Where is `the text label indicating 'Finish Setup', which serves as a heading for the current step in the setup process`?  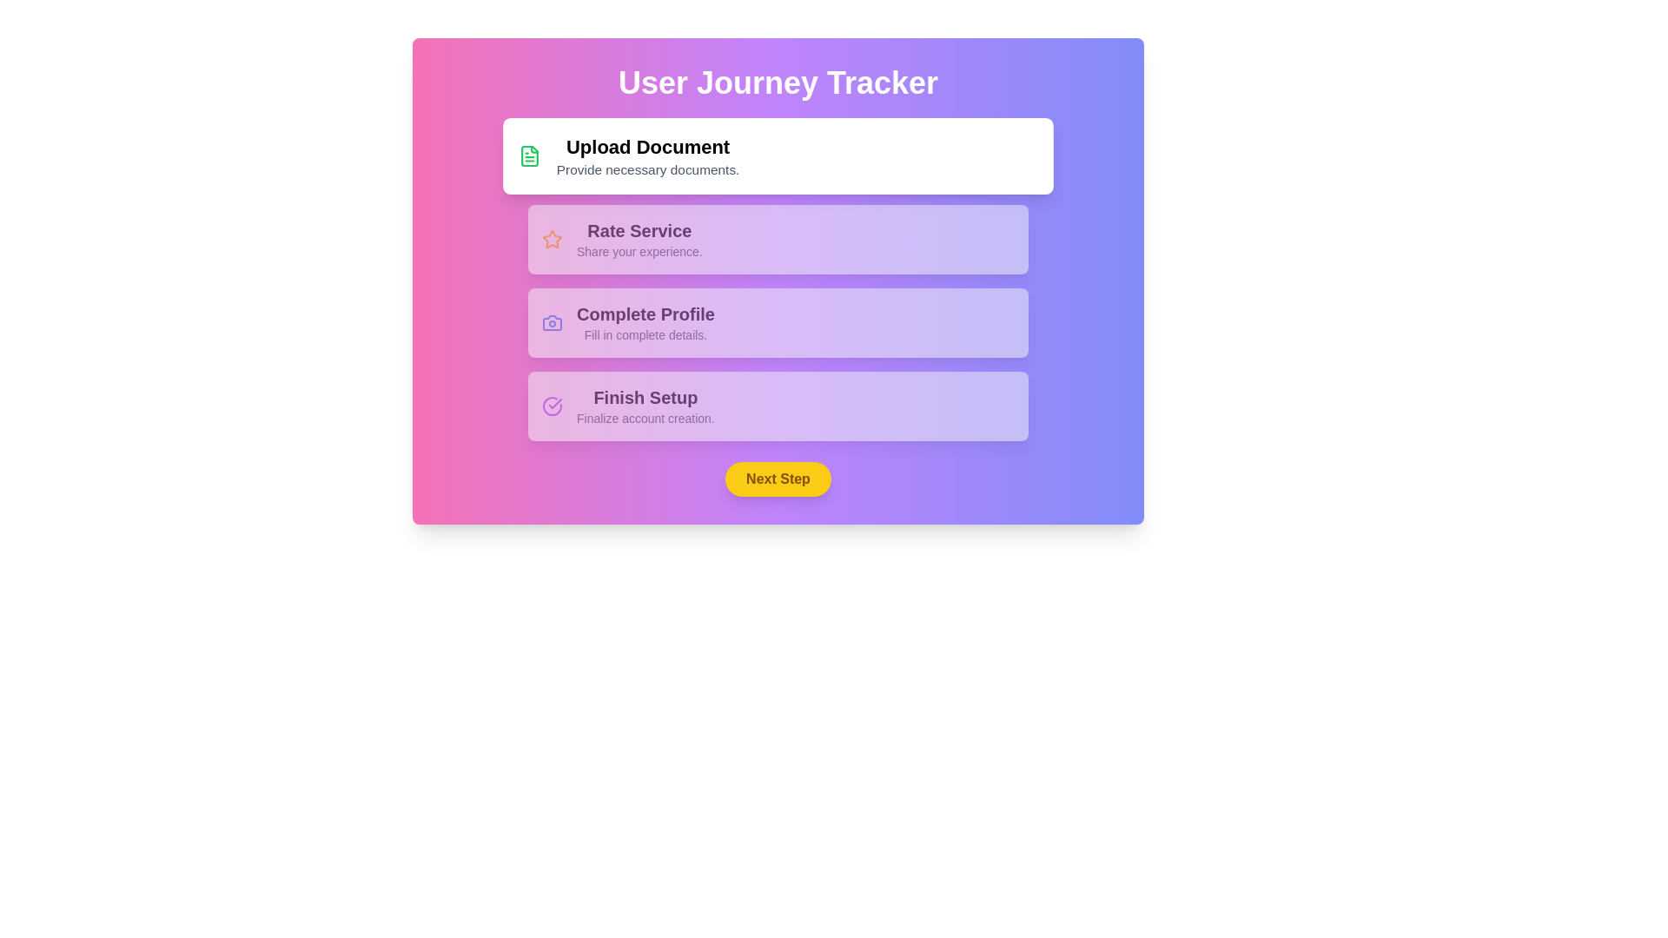
the text label indicating 'Finish Setup', which serves as a heading for the current step in the setup process is located at coordinates (645, 398).